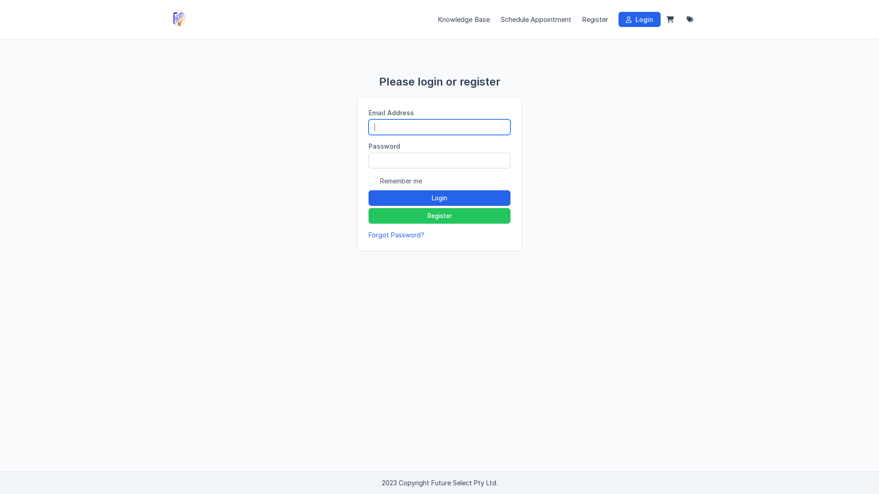 Image resolution: width=879 pixels, height=494 pixels. I want to click on 'Login', so click(639, 19).